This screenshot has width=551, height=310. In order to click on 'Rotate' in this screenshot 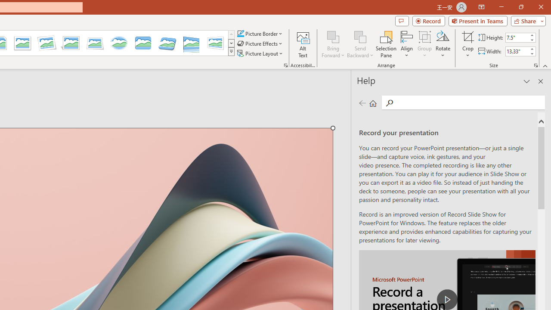, I will do `click(443, 44)`.